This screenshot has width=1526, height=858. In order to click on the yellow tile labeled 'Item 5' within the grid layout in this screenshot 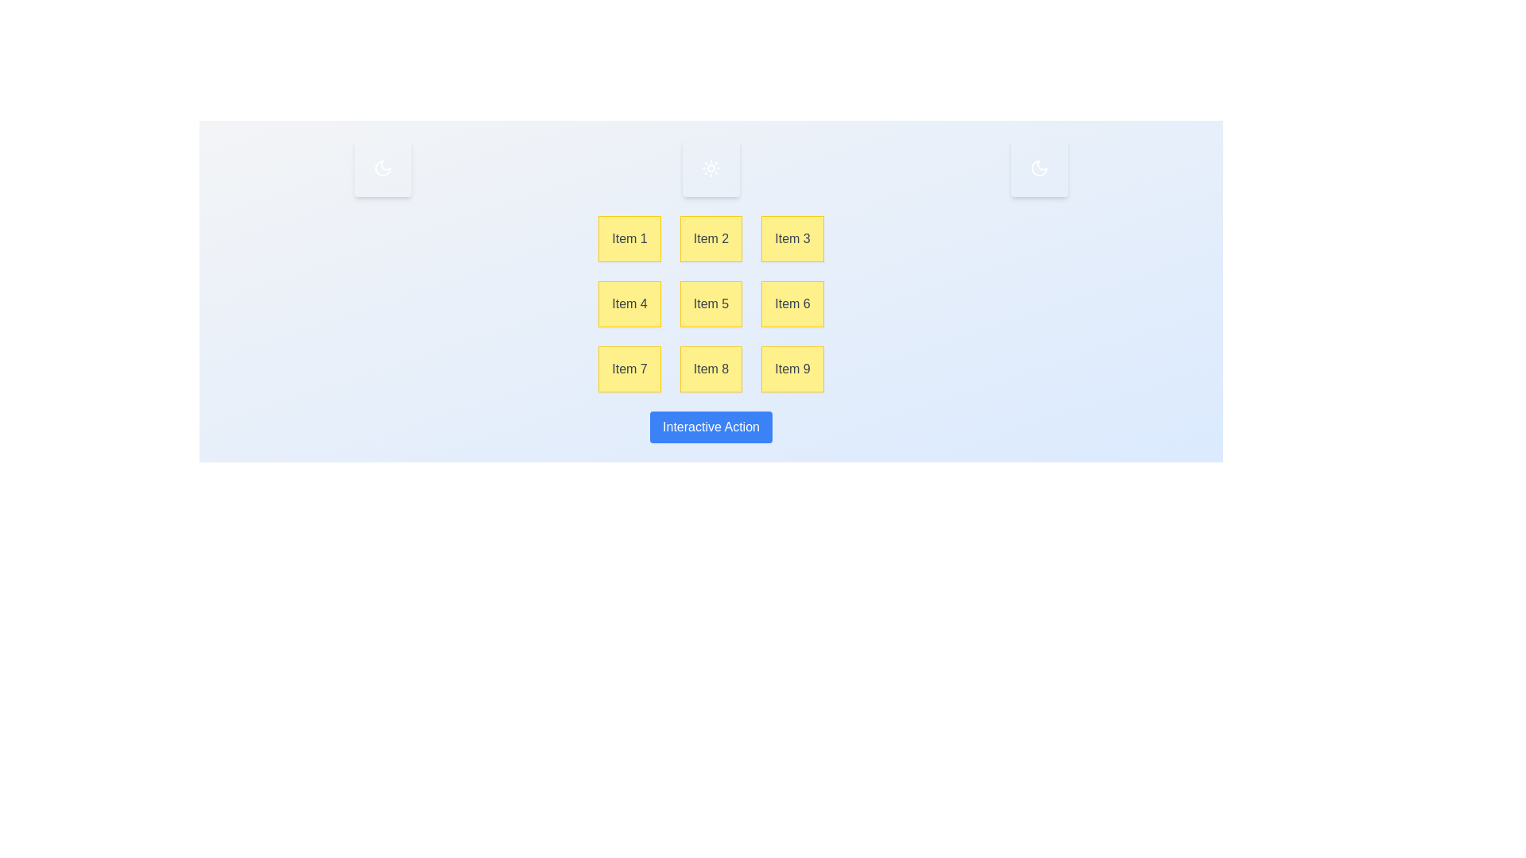, I will do `click(710, 303)`.